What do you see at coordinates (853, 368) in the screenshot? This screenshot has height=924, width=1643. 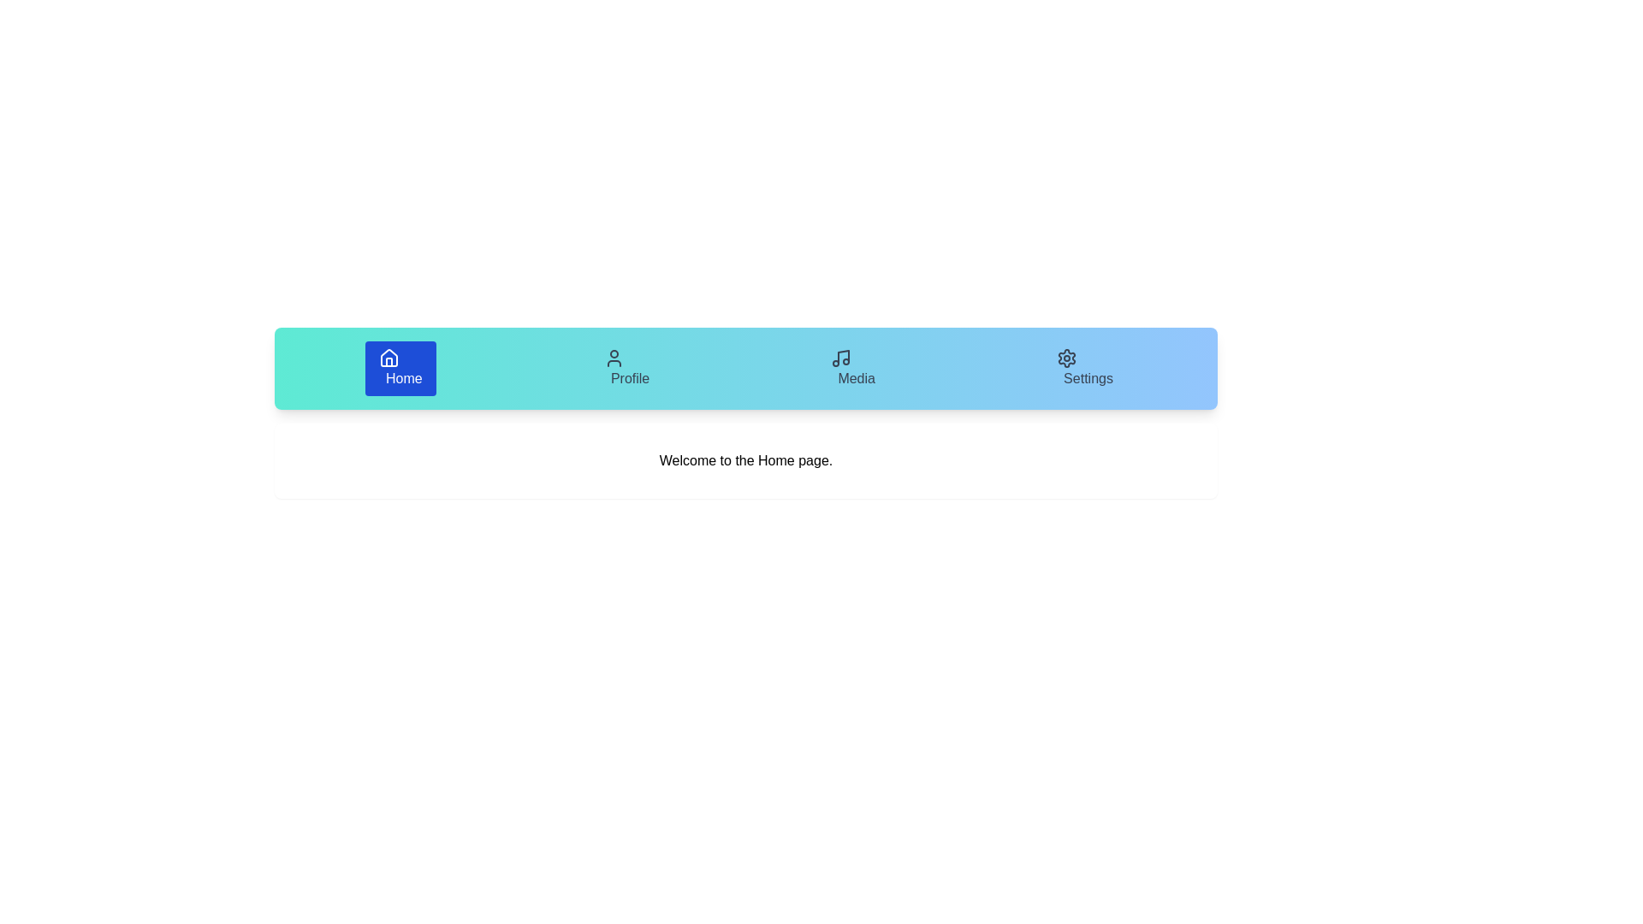 I see `the tab labeled Media to view its content` at bounding box center [853, 368].